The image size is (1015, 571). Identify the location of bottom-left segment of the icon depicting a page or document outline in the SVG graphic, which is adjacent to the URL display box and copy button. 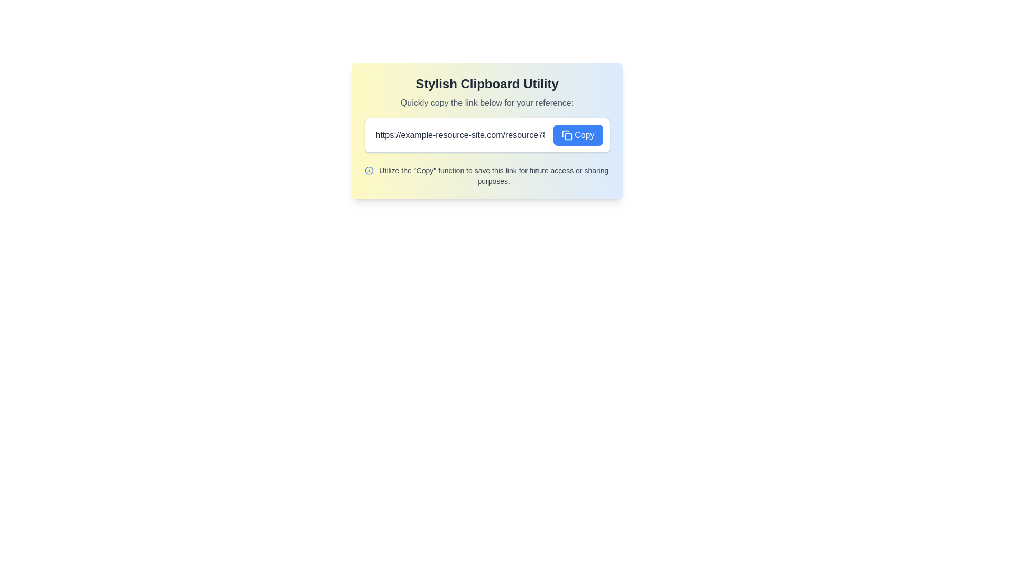
(565, 133).